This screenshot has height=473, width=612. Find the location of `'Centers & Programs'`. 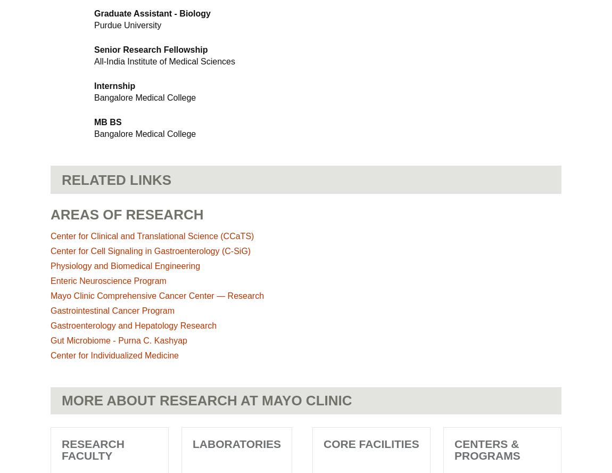

'Centers & Programs' is located at coordinates (487, 449).